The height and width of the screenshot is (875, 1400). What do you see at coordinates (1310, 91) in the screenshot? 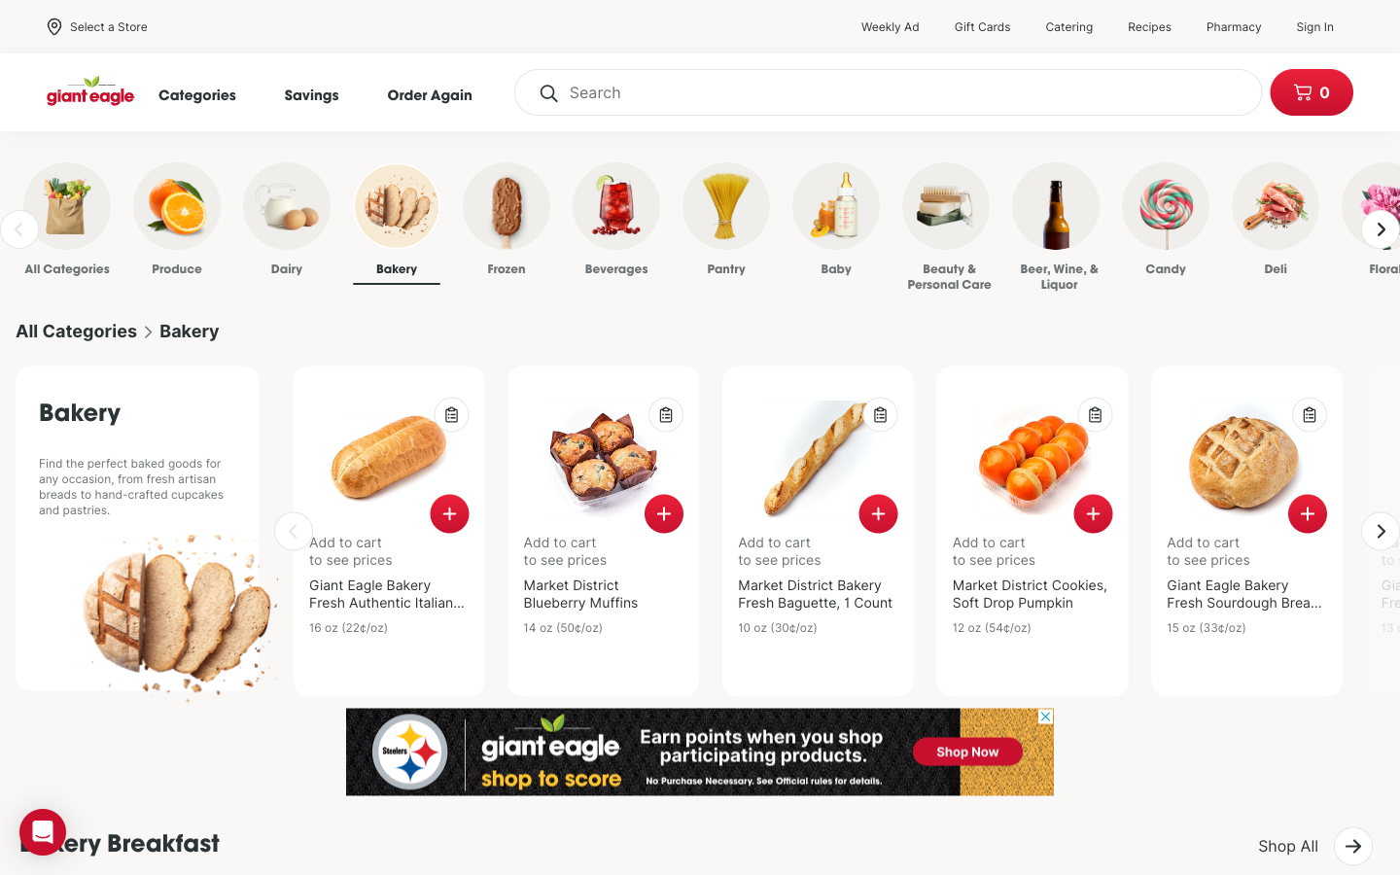
I see `View all products added to the shopping cart` at bounding box center [1310, 91].